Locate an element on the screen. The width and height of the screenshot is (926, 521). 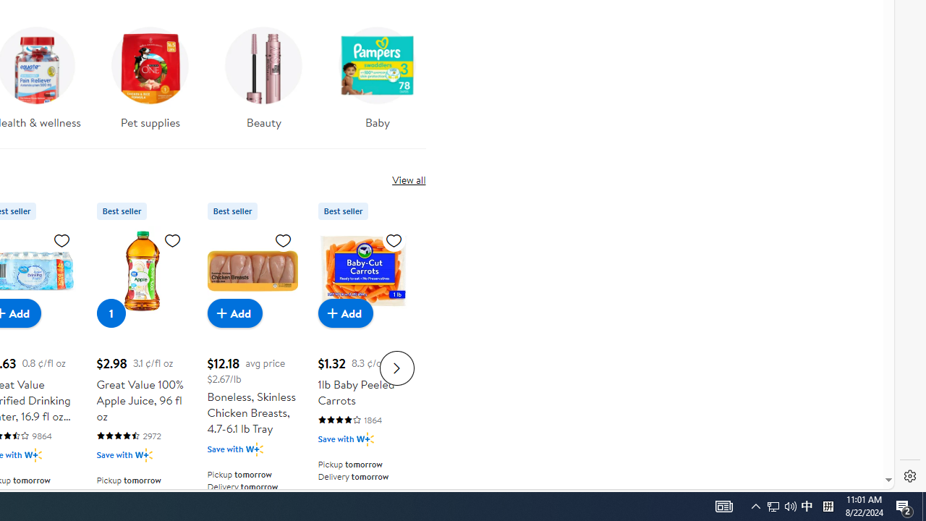
'Beauty' is located at coordinates (263, 82).